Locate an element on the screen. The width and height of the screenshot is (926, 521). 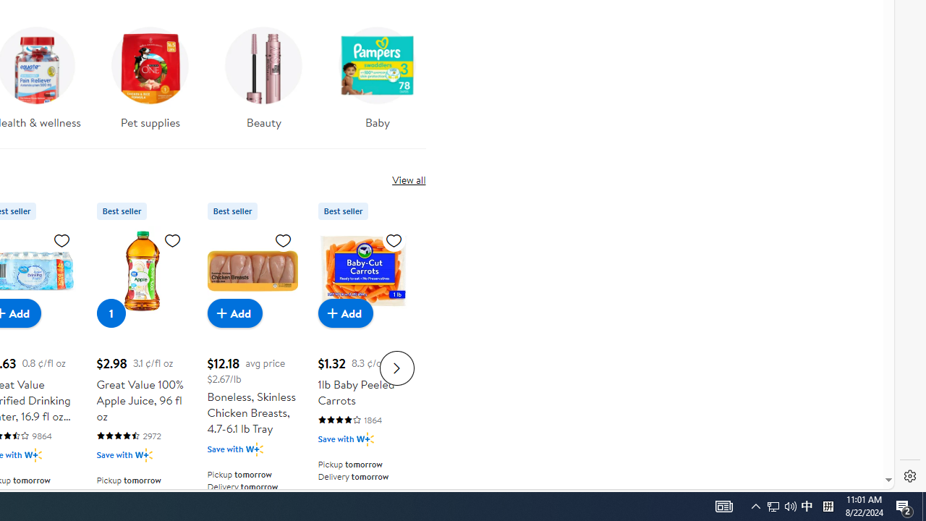
'Beauty' is located at coordinates (263, 82).